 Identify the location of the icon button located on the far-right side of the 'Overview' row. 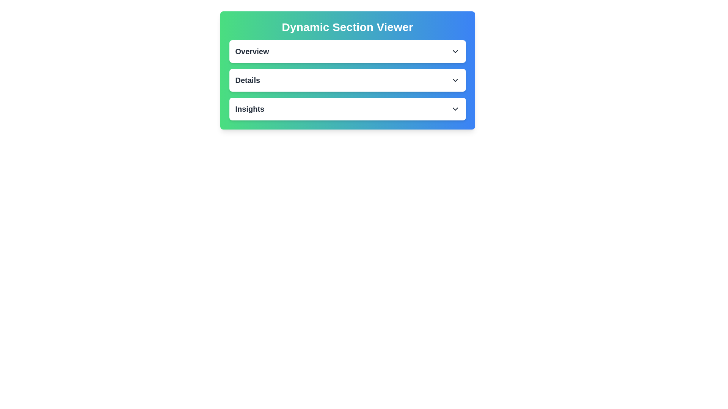
(455, 51).